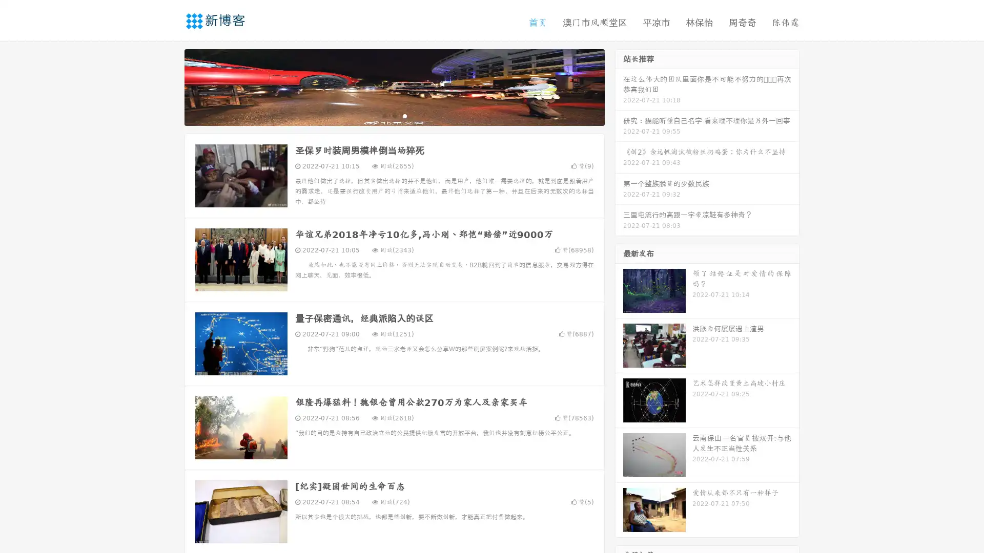  Describe the element at coordinates (383, 115) in the screenshot. I see `Go to slide 1` at that location.